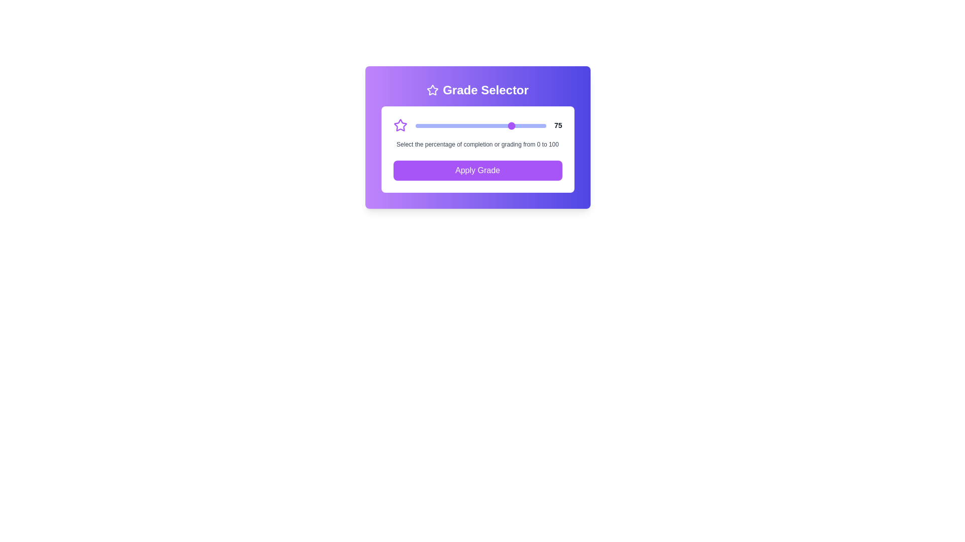  What do you see at coordinates (434, 125) in the screenshot?
I see `the slider's value` at bounding box center [434, 125].